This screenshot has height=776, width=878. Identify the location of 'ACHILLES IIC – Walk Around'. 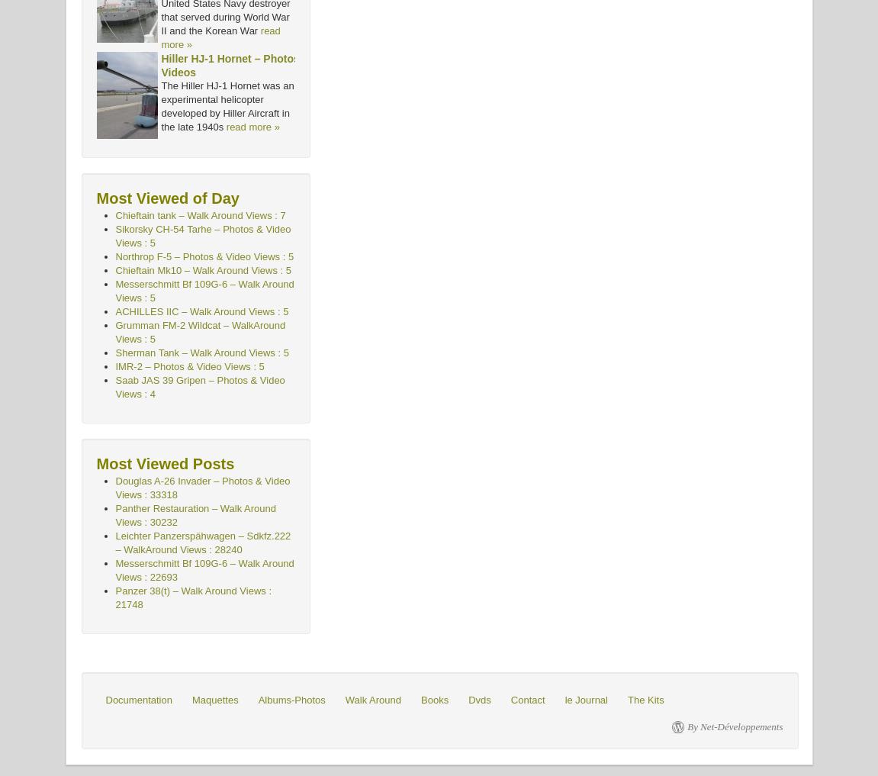
(180, 311).